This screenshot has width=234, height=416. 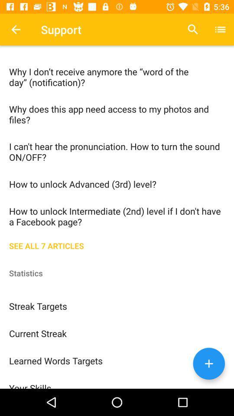 What do you see at coordinates (16, 29) in the screenshot?
I see `the item above faqs icon` at bounding box center [16, 29].